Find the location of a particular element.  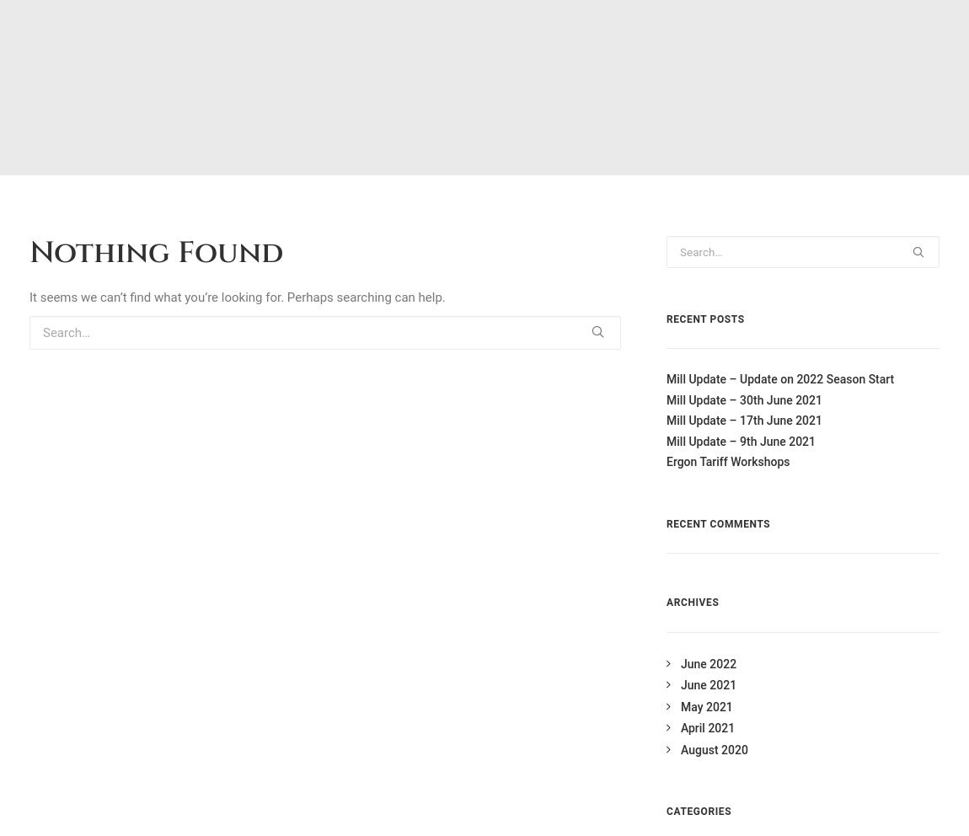

'WordPress.org' is located at coordinates (719, 322).